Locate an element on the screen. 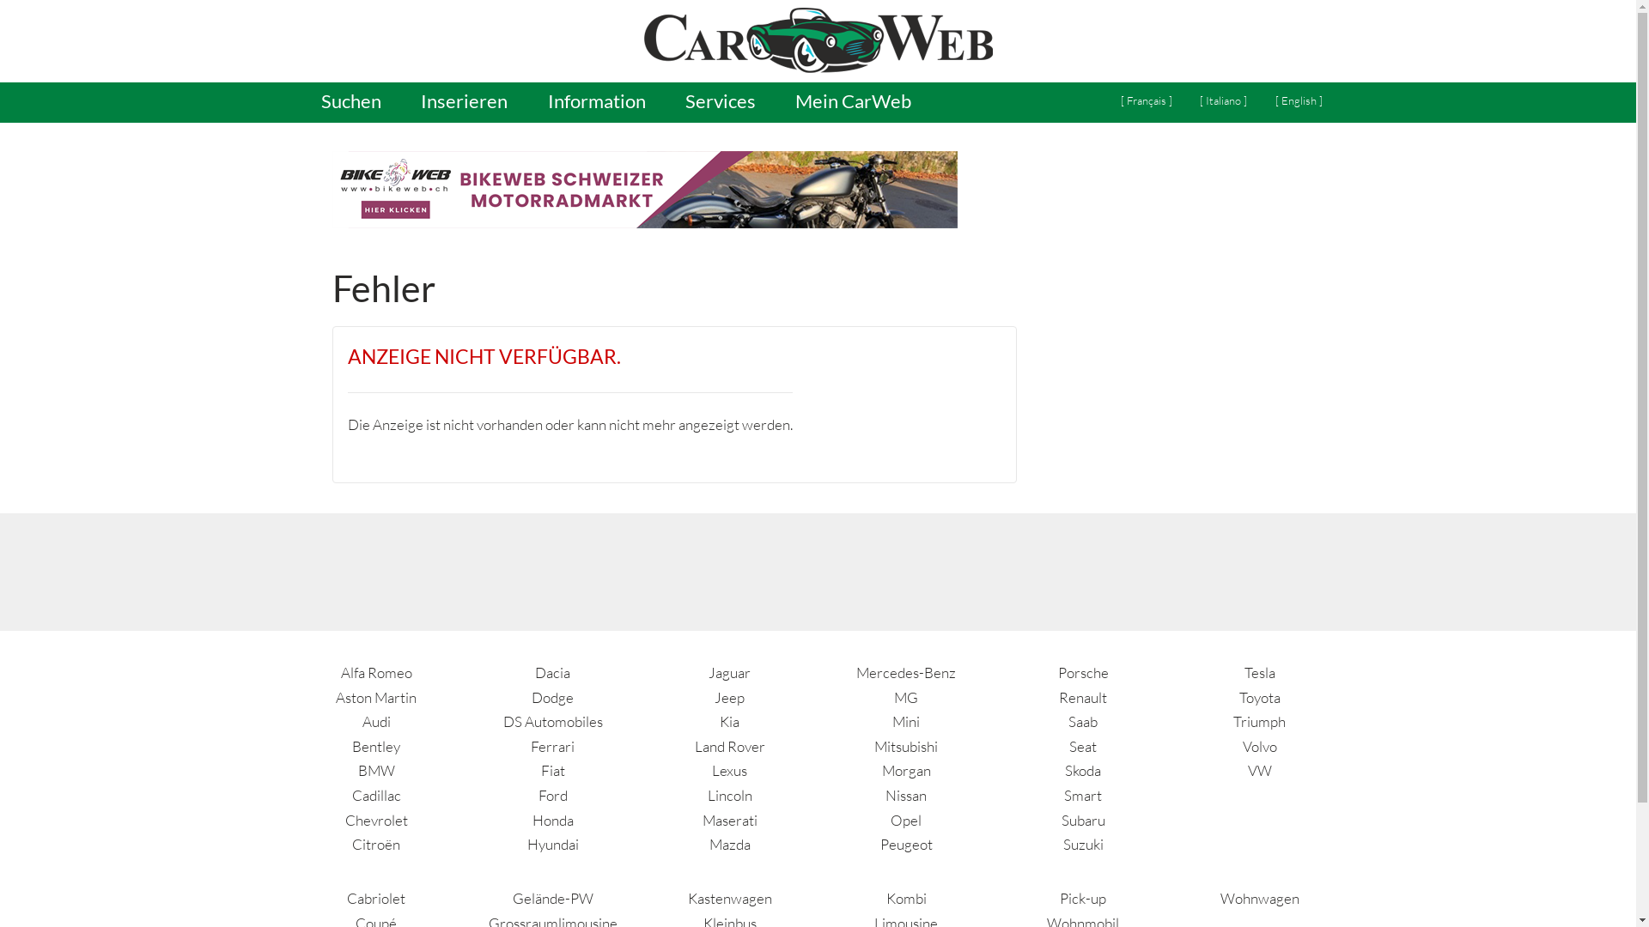 The height and width of the screenshot is (927, 1649). 'VW' is located at coordinates (1248, 769).